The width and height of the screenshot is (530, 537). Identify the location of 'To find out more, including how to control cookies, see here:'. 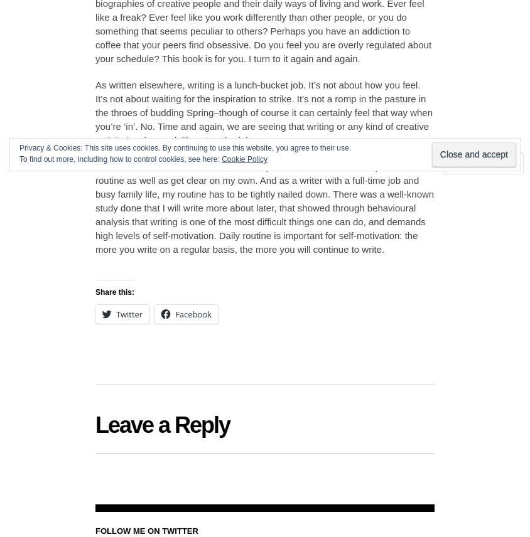
(18, 158).